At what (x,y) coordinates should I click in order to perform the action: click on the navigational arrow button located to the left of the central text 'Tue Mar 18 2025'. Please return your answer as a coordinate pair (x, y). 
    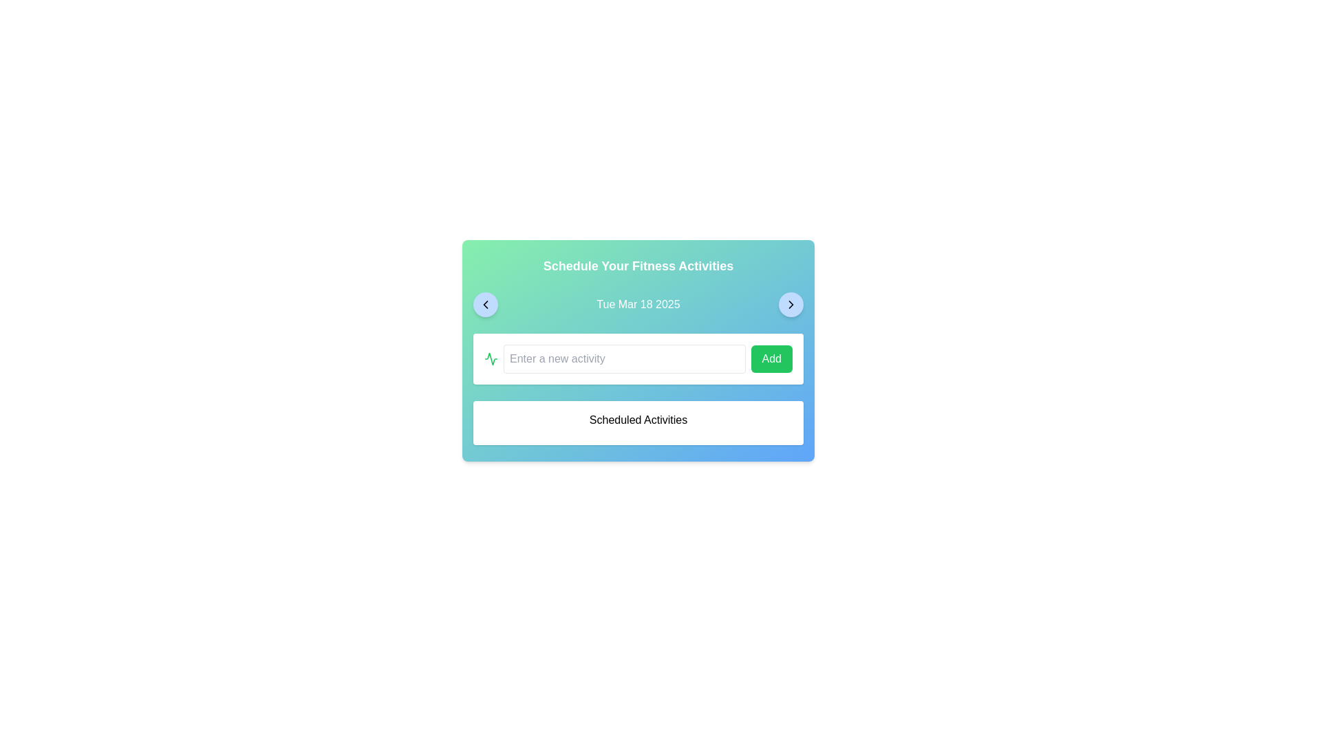
    Looking at the image, I should click on (485, 304).